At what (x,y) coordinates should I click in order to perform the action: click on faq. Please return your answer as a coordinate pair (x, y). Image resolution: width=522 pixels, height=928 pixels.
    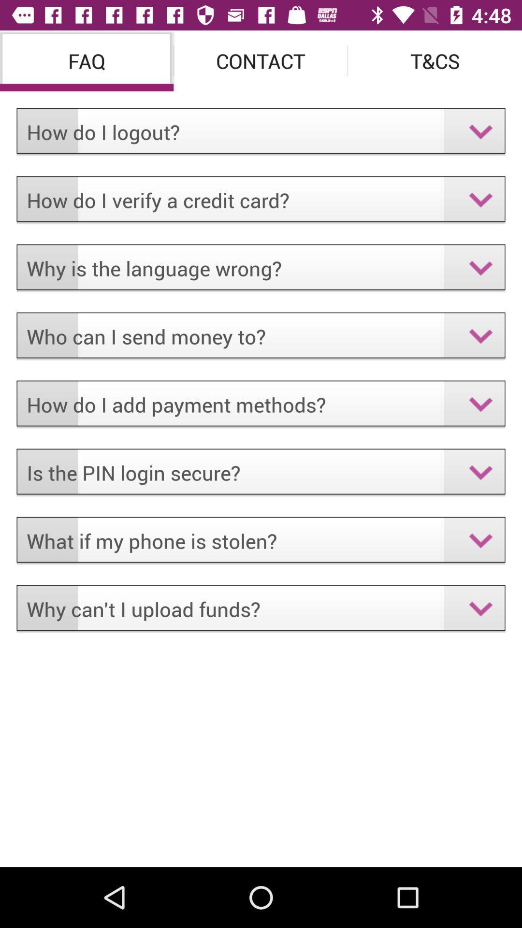
    Looking at the image, I should click on (86, 60).